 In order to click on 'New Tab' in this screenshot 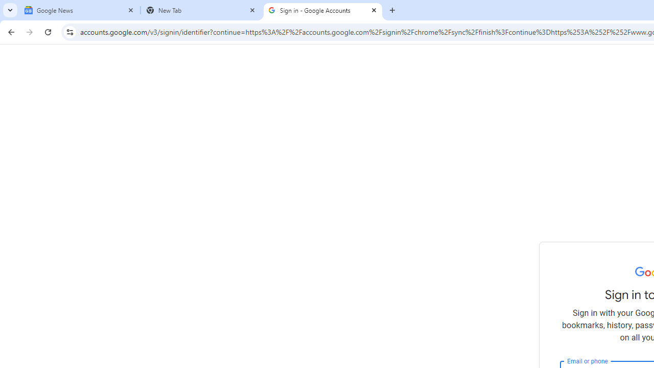, I will do `click(201, 10)`.